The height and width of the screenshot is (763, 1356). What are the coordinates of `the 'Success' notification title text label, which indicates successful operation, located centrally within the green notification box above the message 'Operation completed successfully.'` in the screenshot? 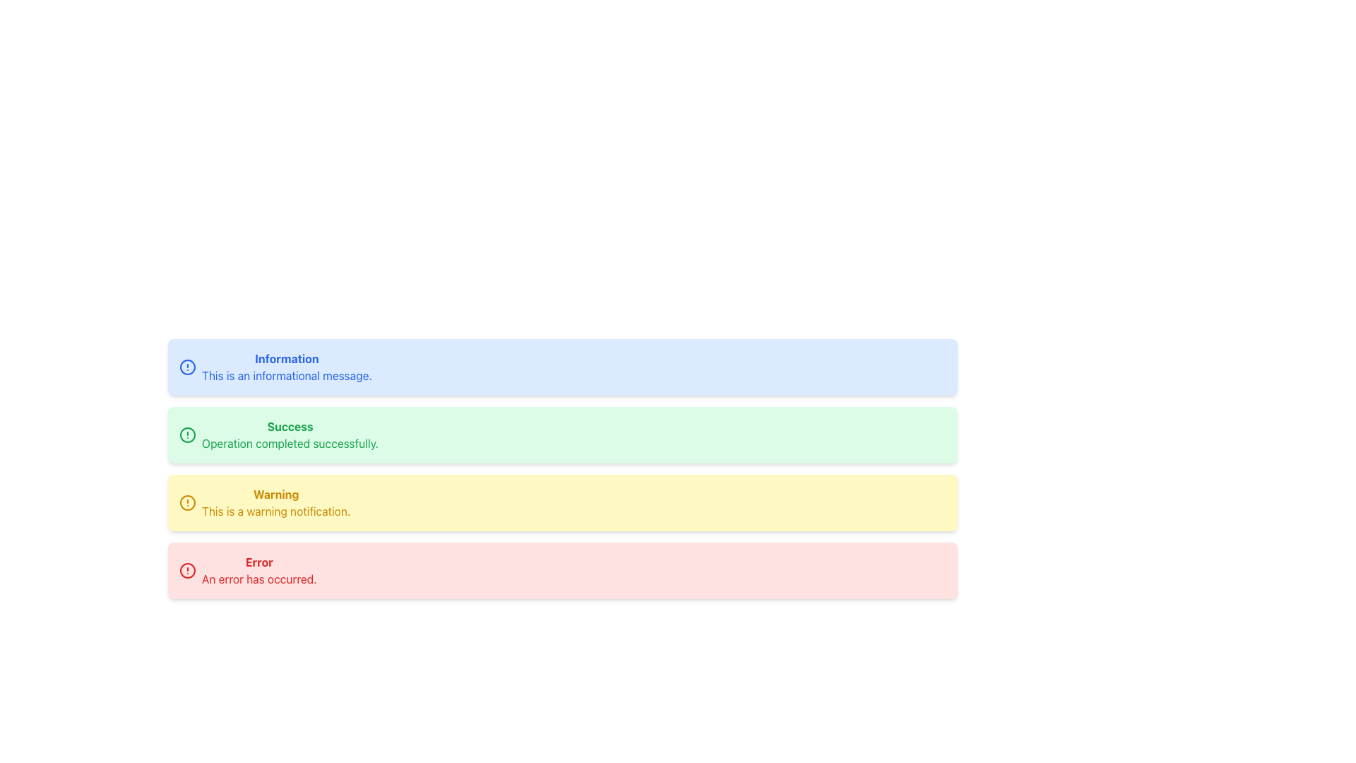 It's located at (290, 426).